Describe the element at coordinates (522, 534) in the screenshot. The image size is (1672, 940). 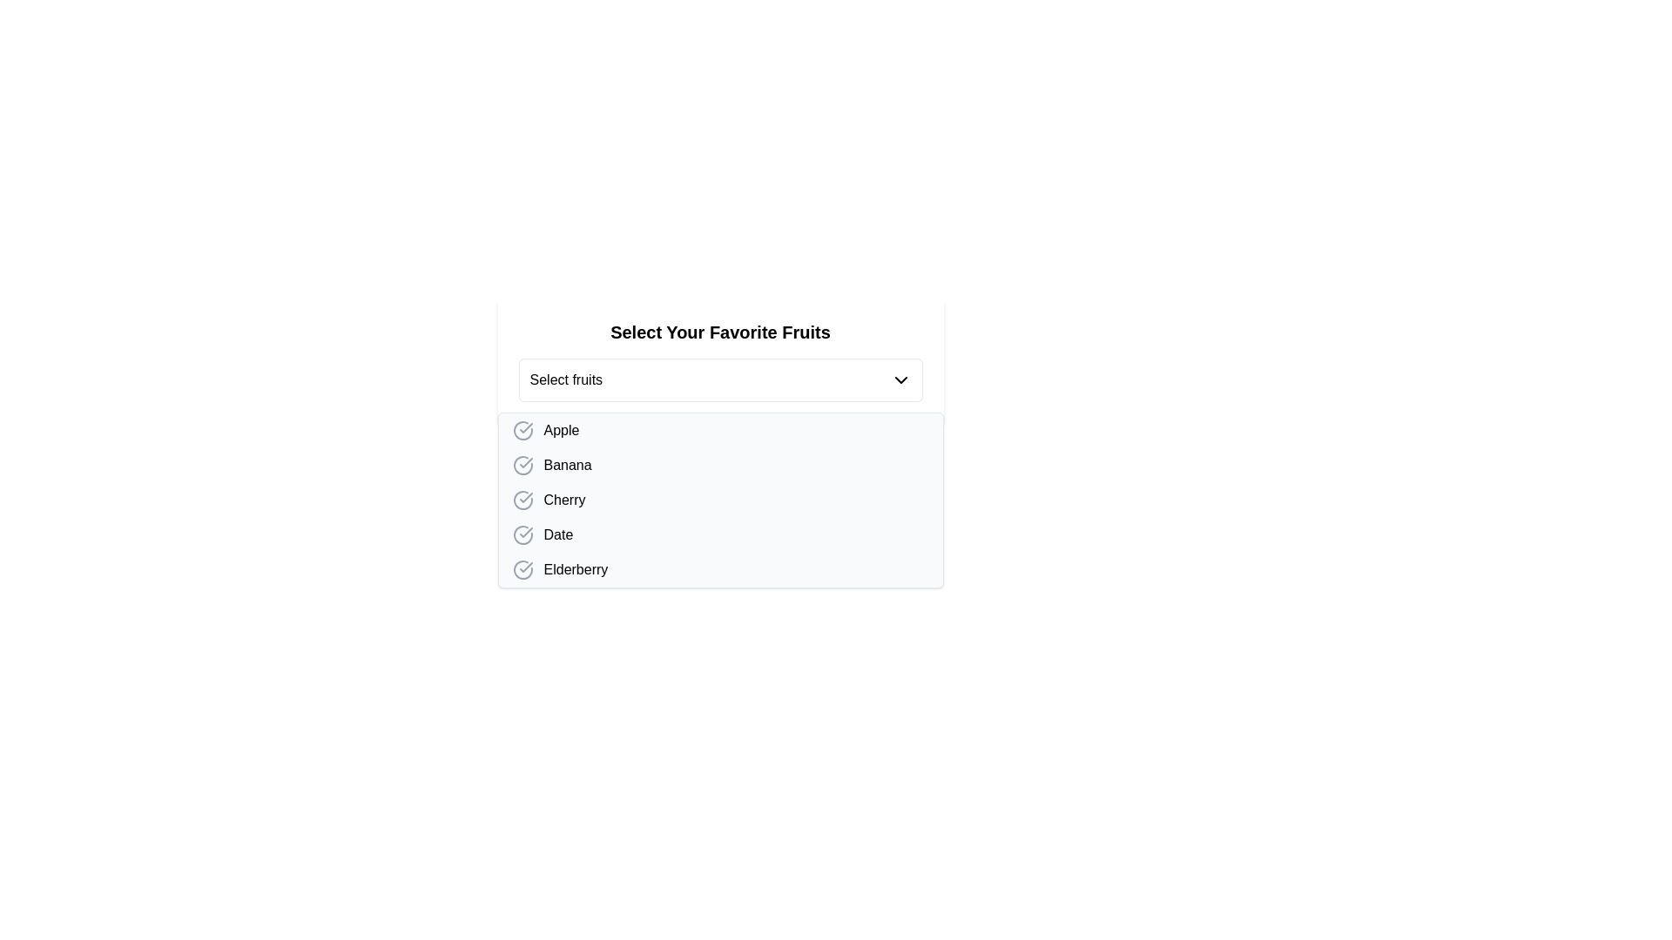
I see `the Checkbox indicator, which is a circular element with a gray stroke and a checkmark silhouette, located to the left of the 'Date' label in the checkbox list` at that location.